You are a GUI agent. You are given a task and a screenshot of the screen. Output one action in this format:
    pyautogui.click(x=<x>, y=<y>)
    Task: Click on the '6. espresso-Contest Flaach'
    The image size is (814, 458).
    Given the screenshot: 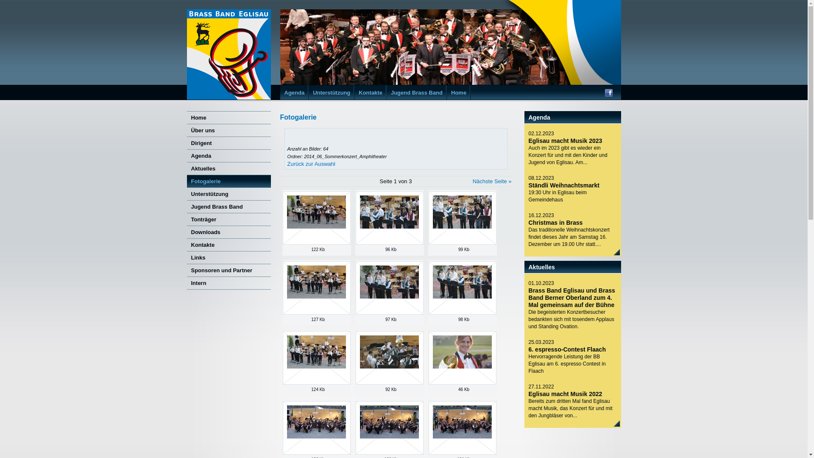 What is the action you would take?
    pyautogui.click(x=567, y=349)
    